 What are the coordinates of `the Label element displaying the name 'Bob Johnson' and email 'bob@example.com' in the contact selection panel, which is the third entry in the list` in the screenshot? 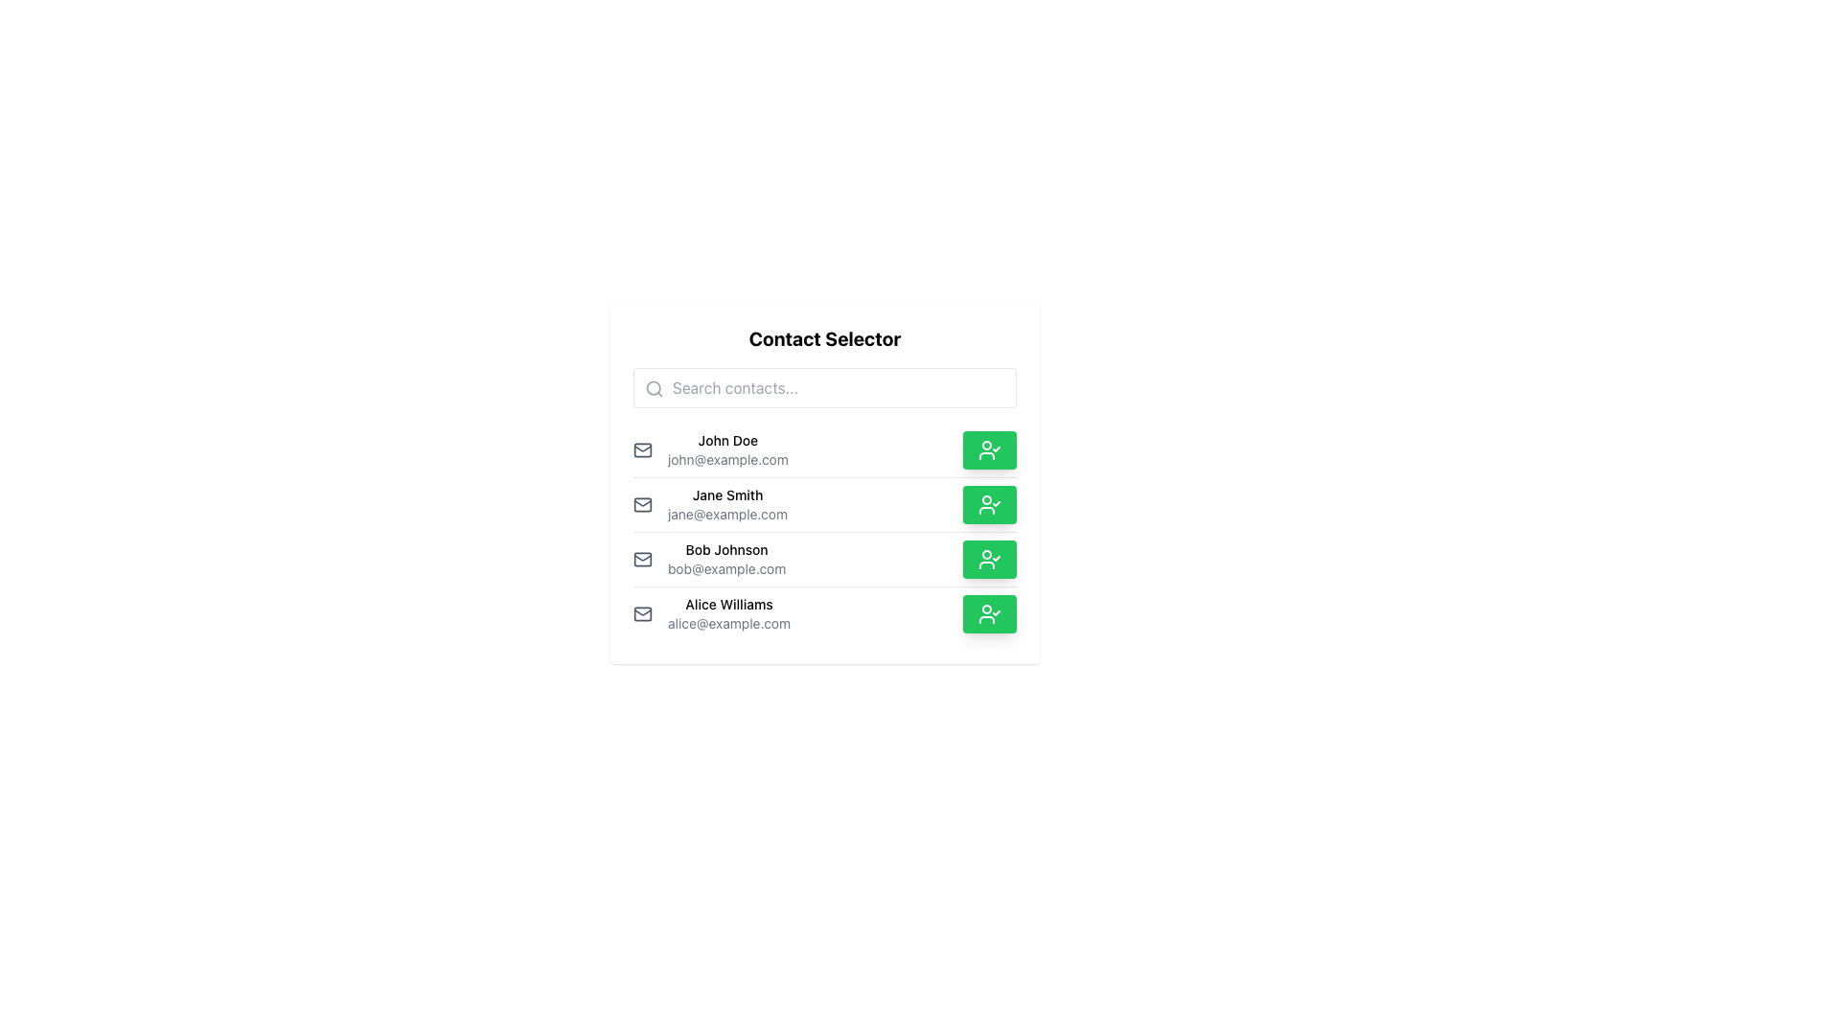 It's located at (725, 559).